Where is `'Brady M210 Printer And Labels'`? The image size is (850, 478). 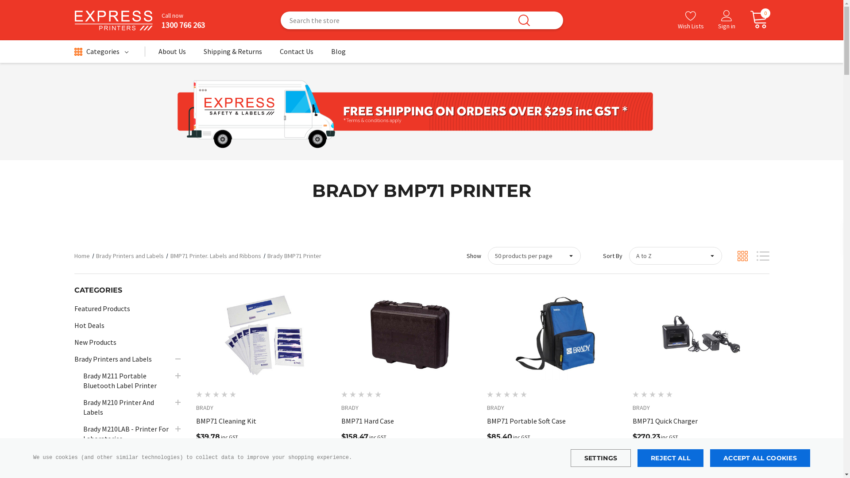 'Brady M210 Printer And Labels' is located at coordinates (127, 407).